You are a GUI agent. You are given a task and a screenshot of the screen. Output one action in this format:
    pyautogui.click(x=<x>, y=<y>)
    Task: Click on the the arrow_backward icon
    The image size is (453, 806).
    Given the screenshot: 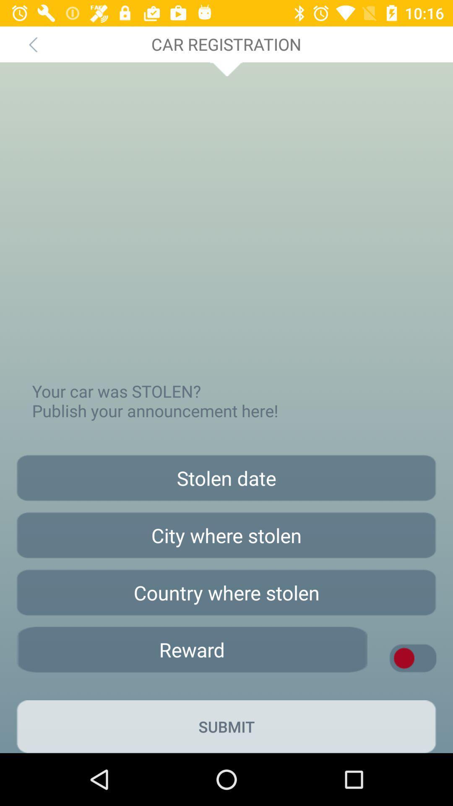 What is the action you would take?
    pyautogui.click(x=32, y=44)
    